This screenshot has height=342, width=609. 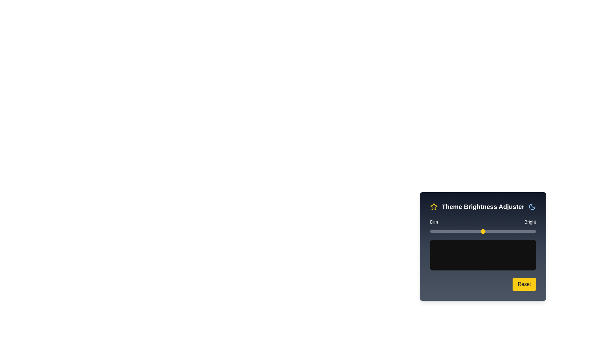 I want to click on the brightness slider to set the brightness to 88%, so click(x=523, y=231).